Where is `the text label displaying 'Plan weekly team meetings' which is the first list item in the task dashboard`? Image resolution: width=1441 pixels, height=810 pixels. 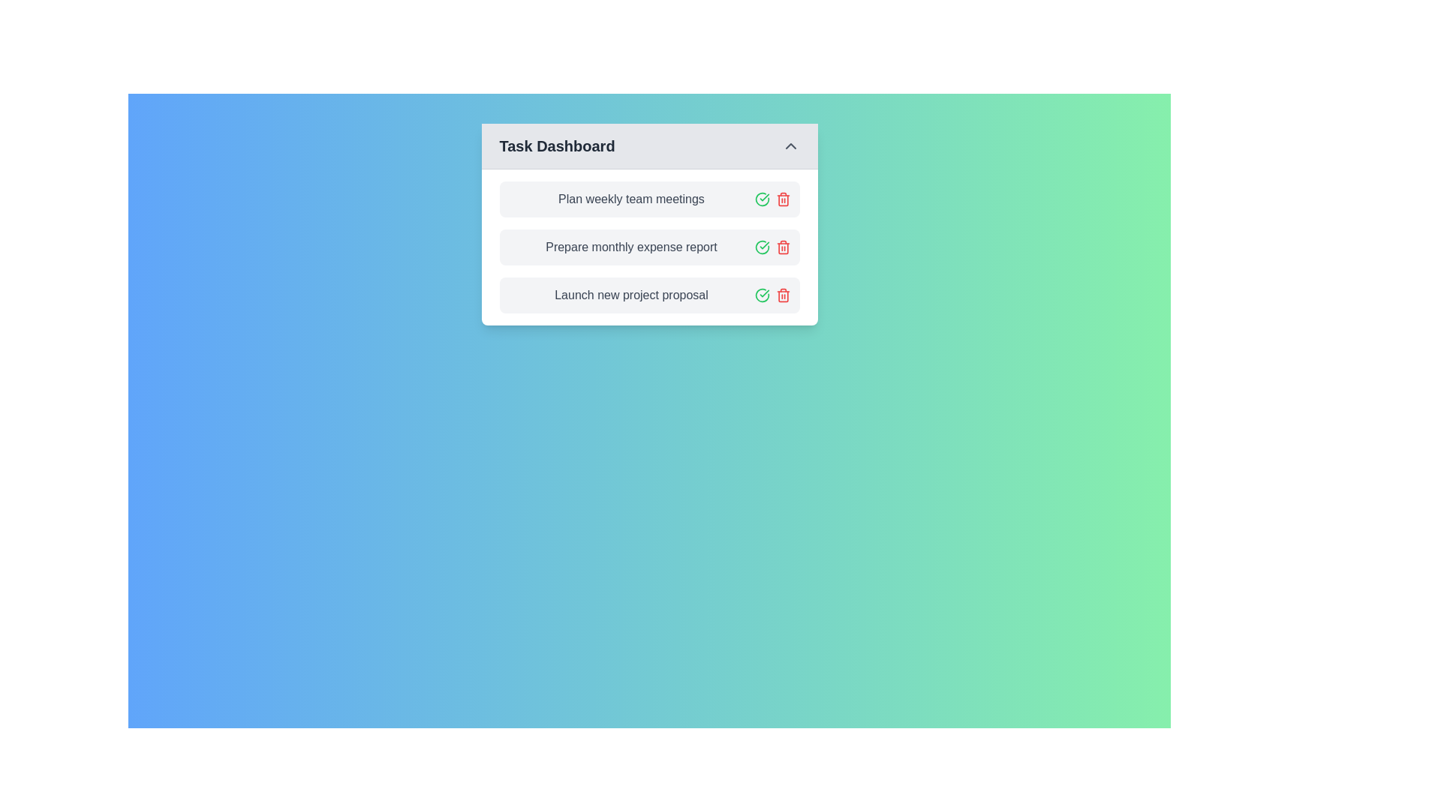 the text label displaying 'Plan weekly team meetings' which is the first list item in the task dashboard is located at coordinates (631, 199).